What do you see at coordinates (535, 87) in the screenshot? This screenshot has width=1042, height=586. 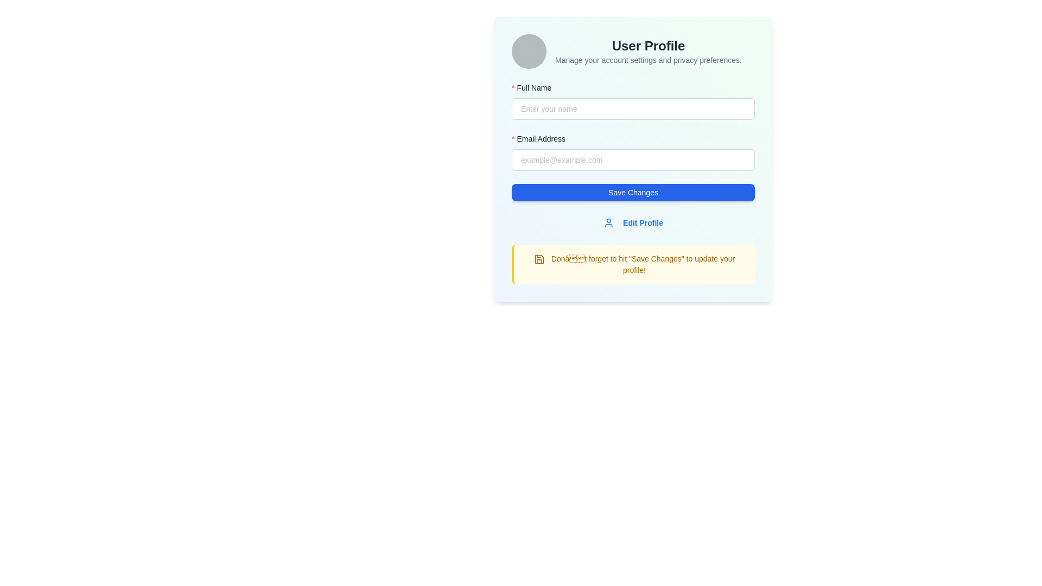 I see `the Text label that describes the input field for entering a full name, located near the top-left of the form area` at bounding box center [535, 87].